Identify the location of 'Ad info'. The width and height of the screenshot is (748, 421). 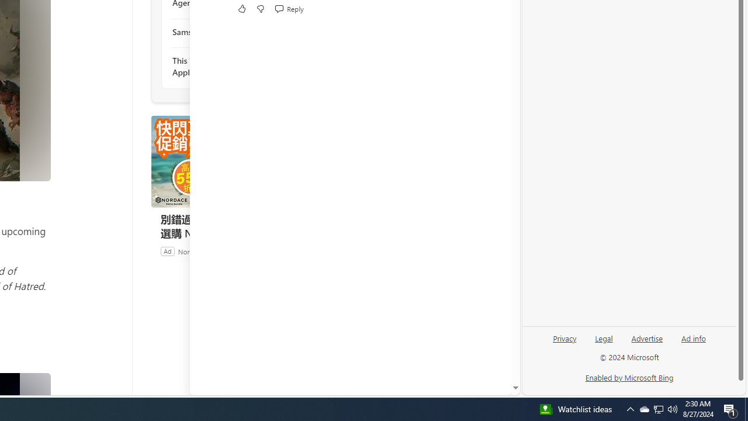
(694, 337).